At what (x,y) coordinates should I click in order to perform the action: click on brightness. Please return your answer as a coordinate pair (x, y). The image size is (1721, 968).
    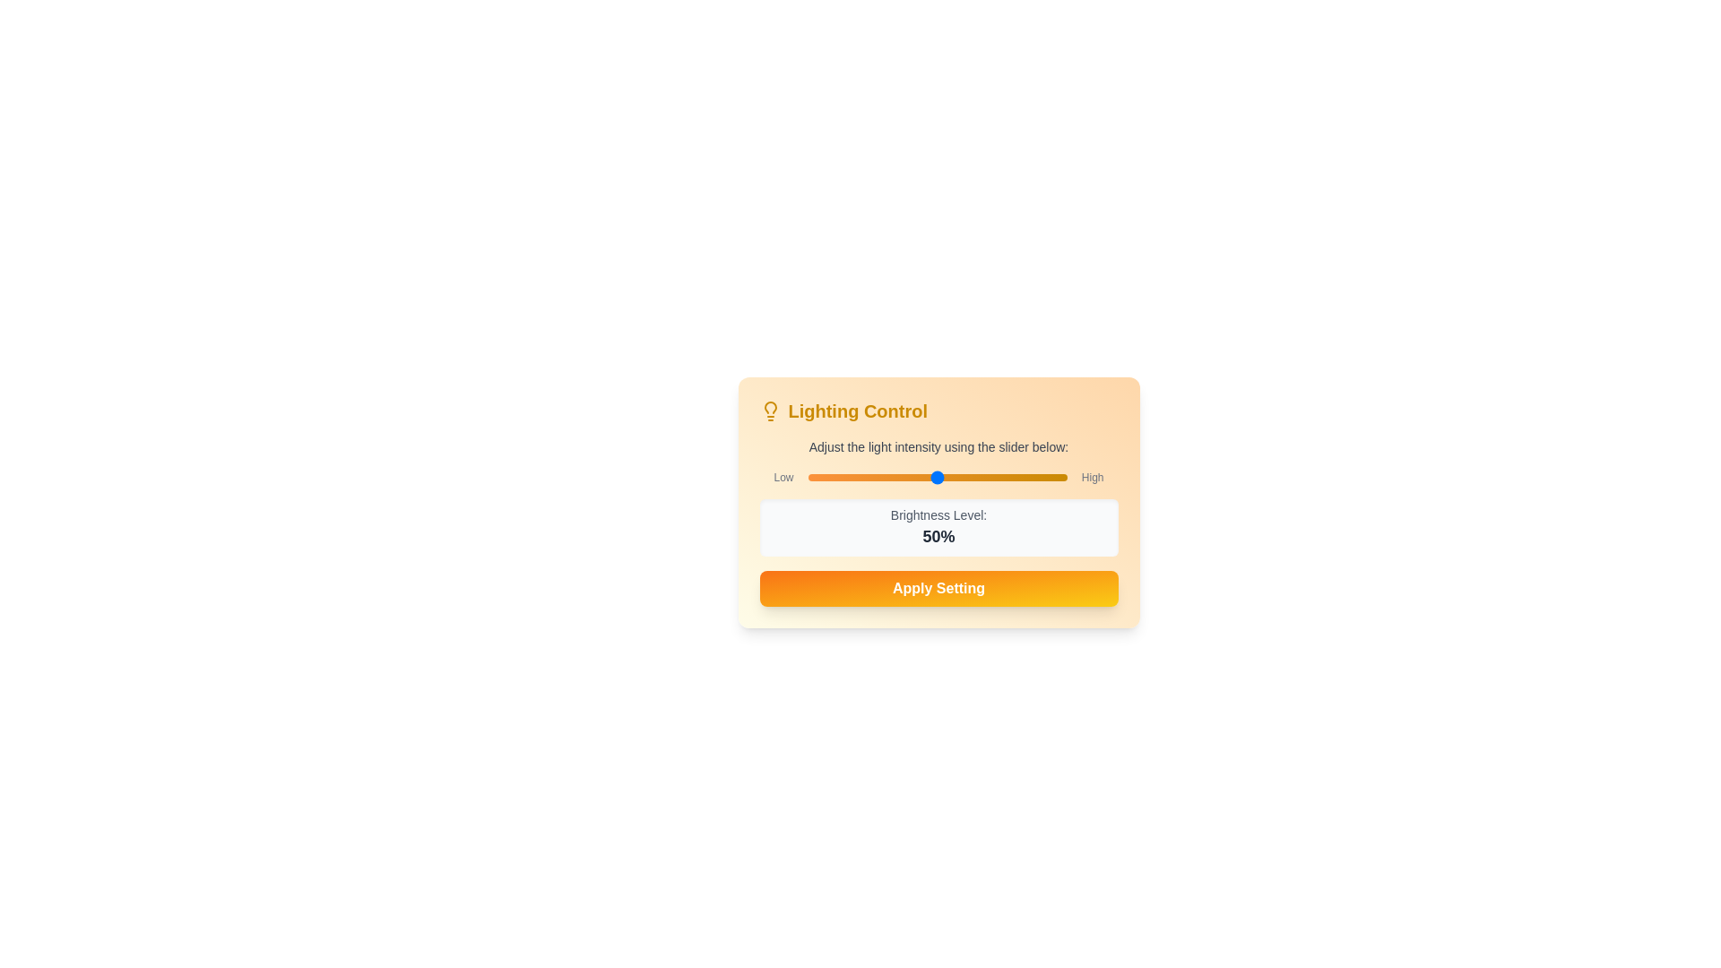
    Looking at the image, I should click on (883, 476).